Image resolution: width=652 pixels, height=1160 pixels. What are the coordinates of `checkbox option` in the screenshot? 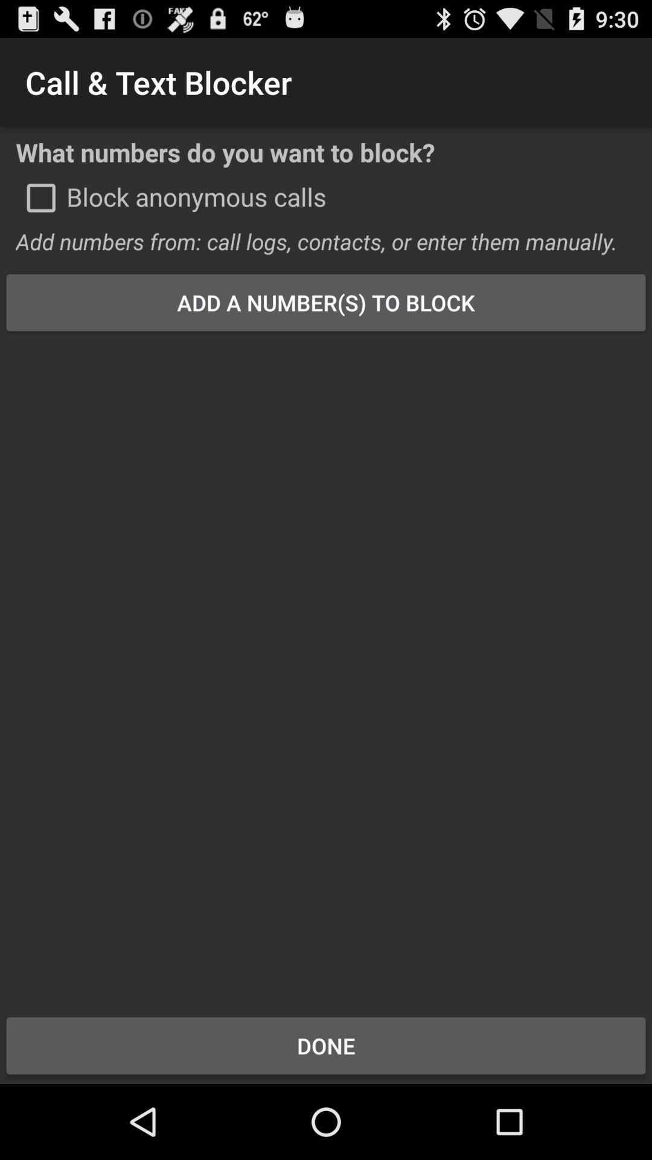 It's located at (40, 198).